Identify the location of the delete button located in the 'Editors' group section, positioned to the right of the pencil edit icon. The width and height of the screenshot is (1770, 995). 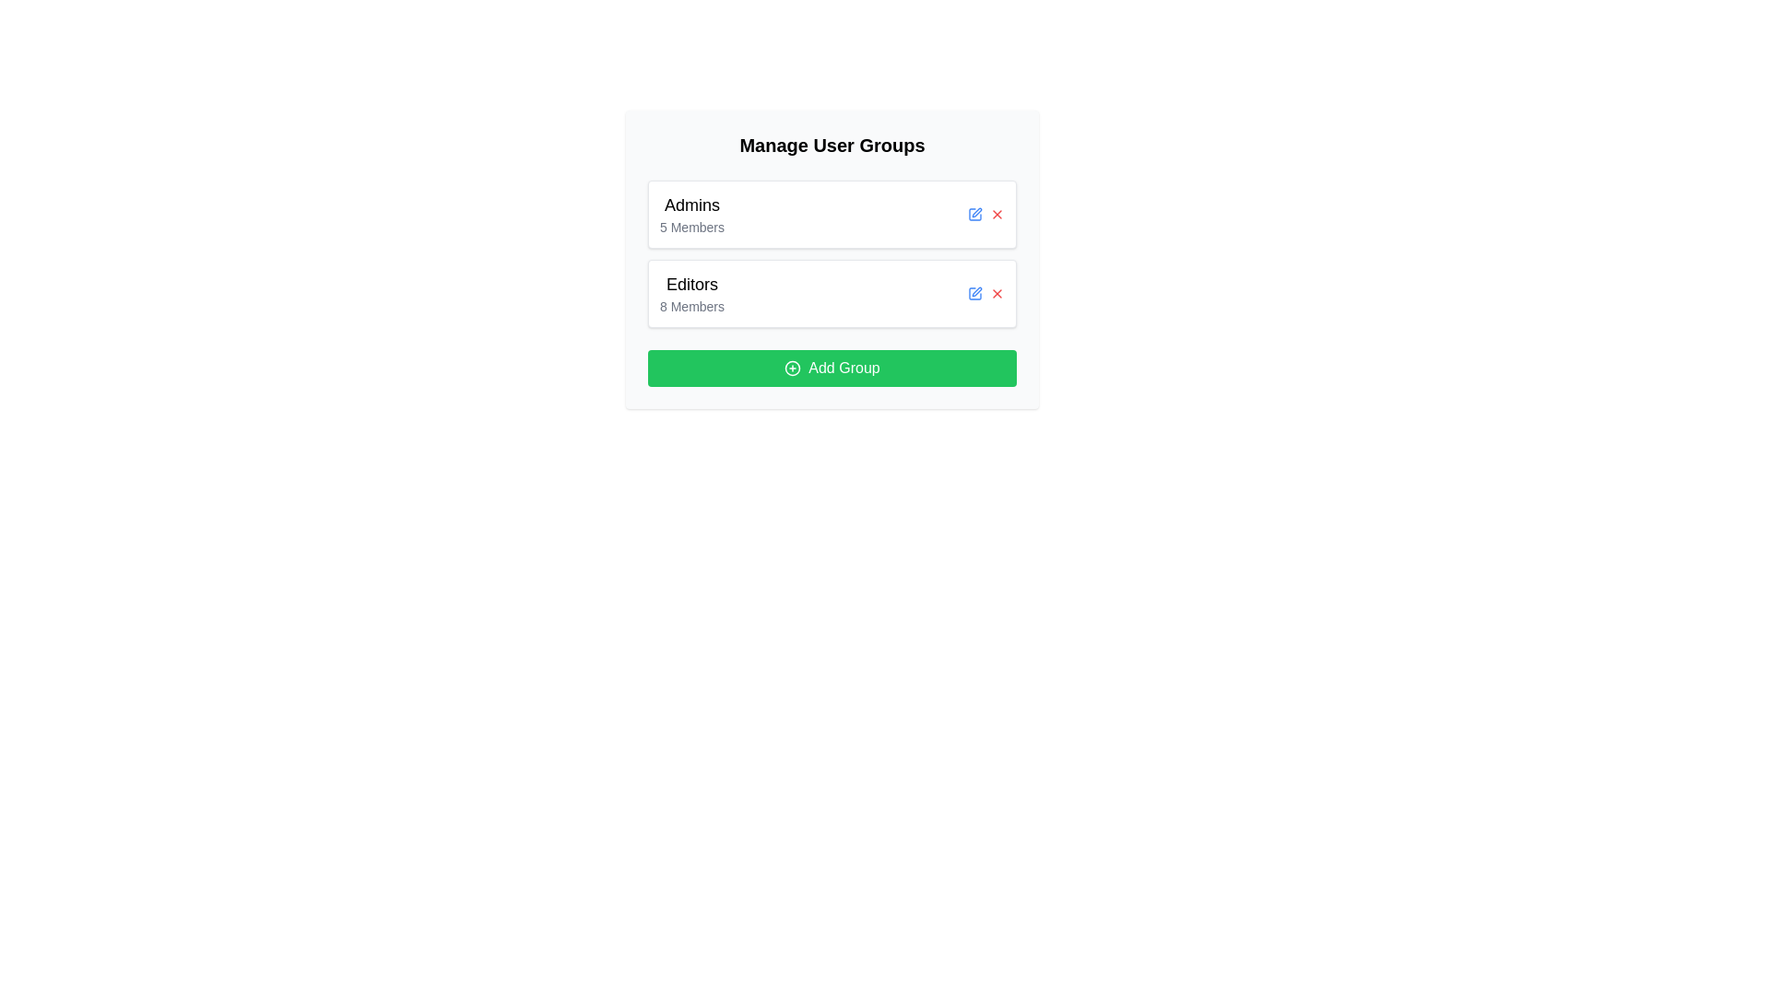
(996, 293).